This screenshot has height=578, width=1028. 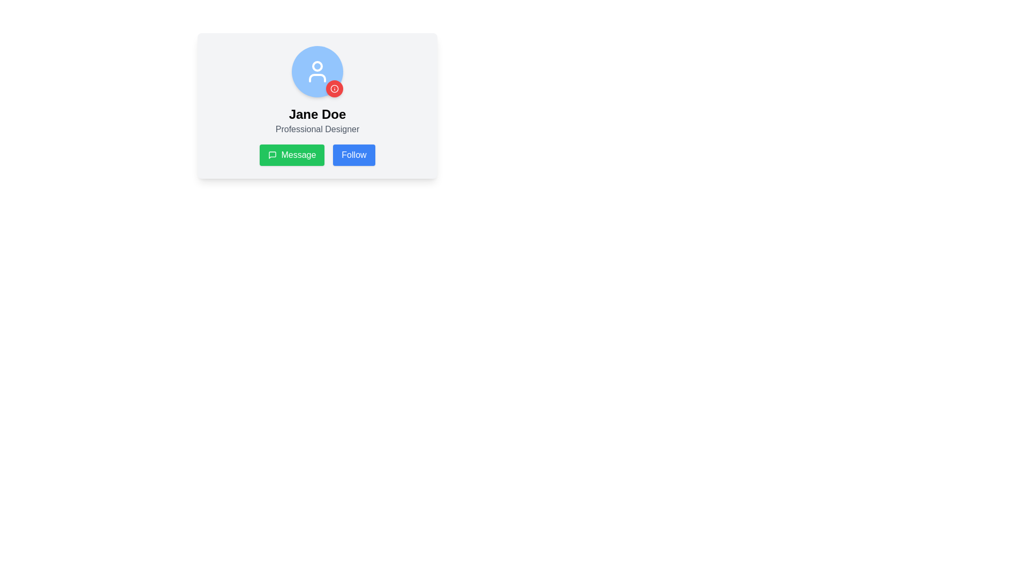 What do you see at coordinates (317, 66) in the screenshot?
I see `the upper SVG Circle that represents the head portion of the user profile icon` at bounding box center [317, 66].